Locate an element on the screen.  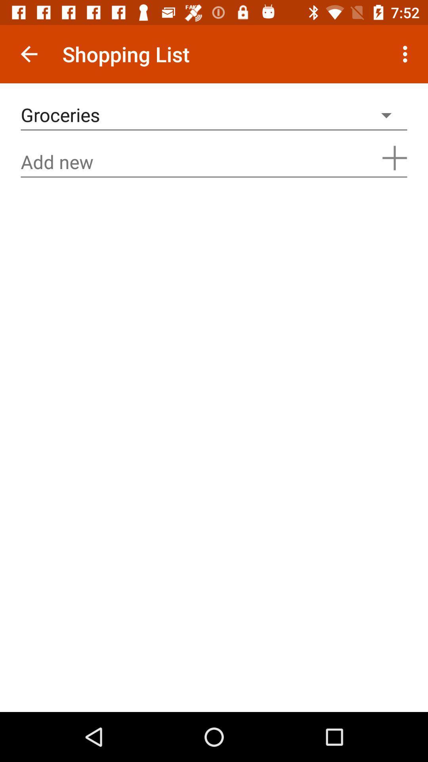
the add icon is located at coordinates (394, 158).